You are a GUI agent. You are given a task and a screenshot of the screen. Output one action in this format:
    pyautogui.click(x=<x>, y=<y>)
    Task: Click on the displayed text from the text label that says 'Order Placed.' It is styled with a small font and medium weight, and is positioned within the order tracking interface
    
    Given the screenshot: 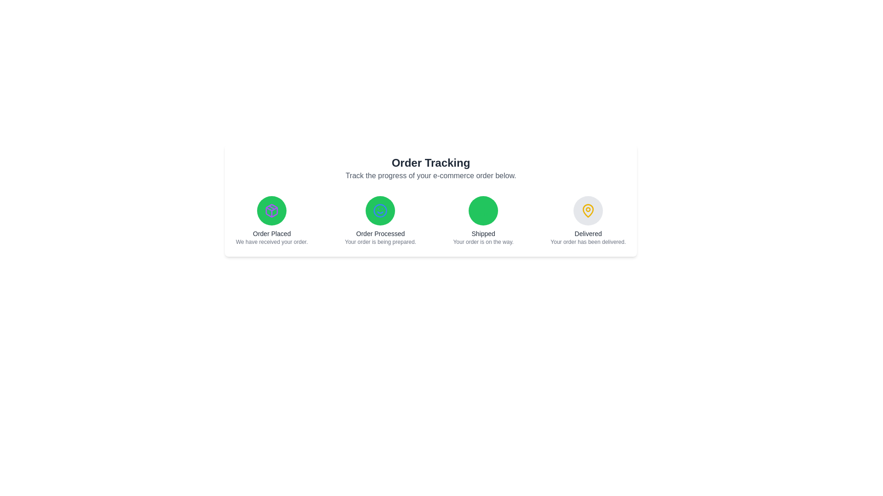 What is the action you would take?
    pyautogui.click(x=271, y=233)
    